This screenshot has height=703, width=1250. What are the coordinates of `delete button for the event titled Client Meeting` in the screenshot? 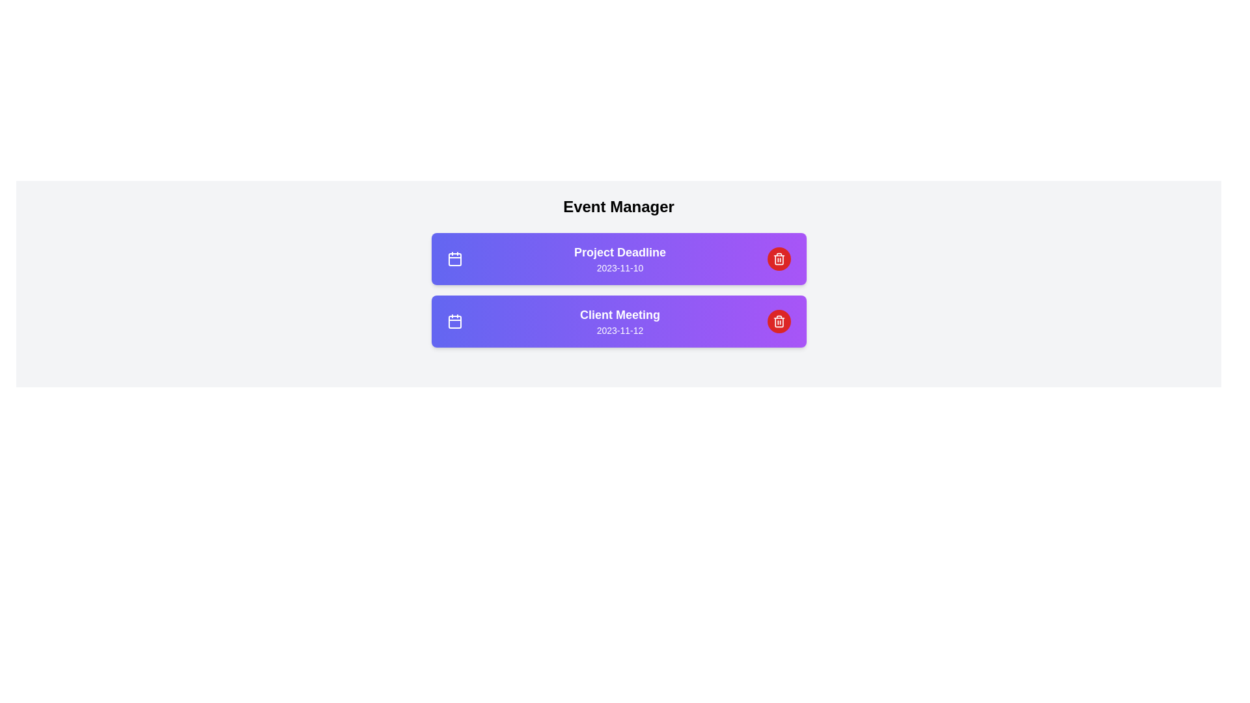 It's located at (779, 321).